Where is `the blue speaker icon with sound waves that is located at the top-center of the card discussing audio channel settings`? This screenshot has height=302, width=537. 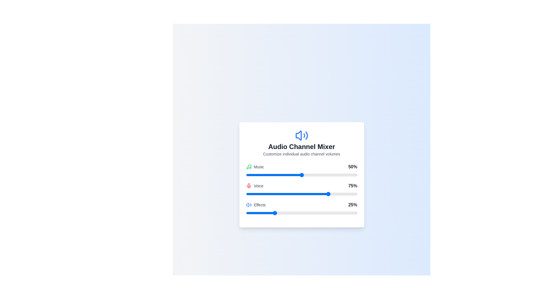
the blue speaker icon with sound waves that is located at the top-center of the card discussing audio channel settings is located at coordinates (301, 136).